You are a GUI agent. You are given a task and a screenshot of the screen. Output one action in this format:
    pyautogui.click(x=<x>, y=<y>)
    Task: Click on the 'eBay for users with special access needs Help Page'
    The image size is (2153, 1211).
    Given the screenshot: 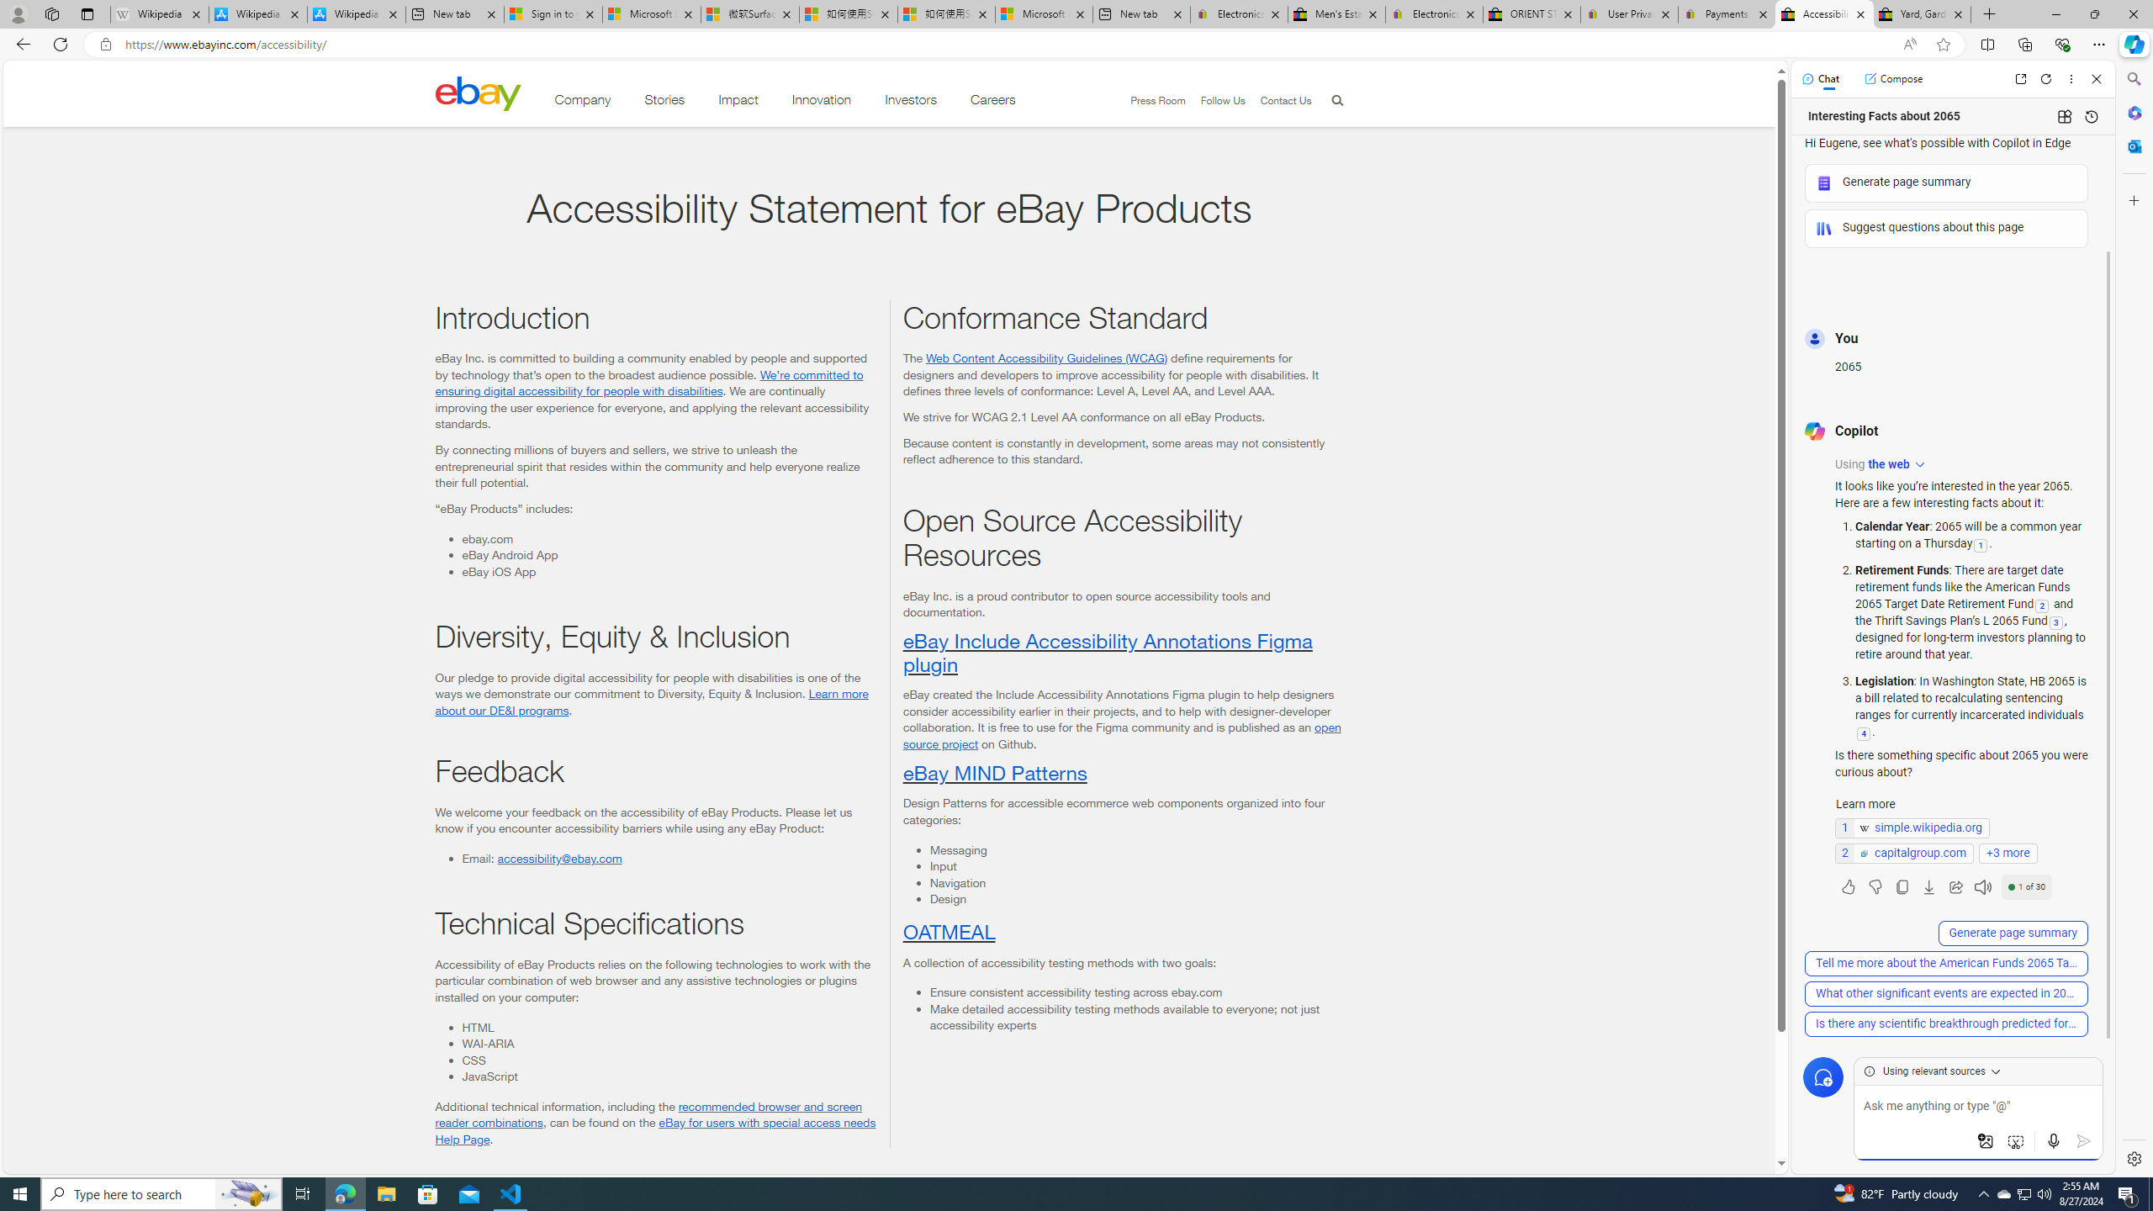 What is the action you would take?
    pyautogui.click(x=654, y=1130)
    